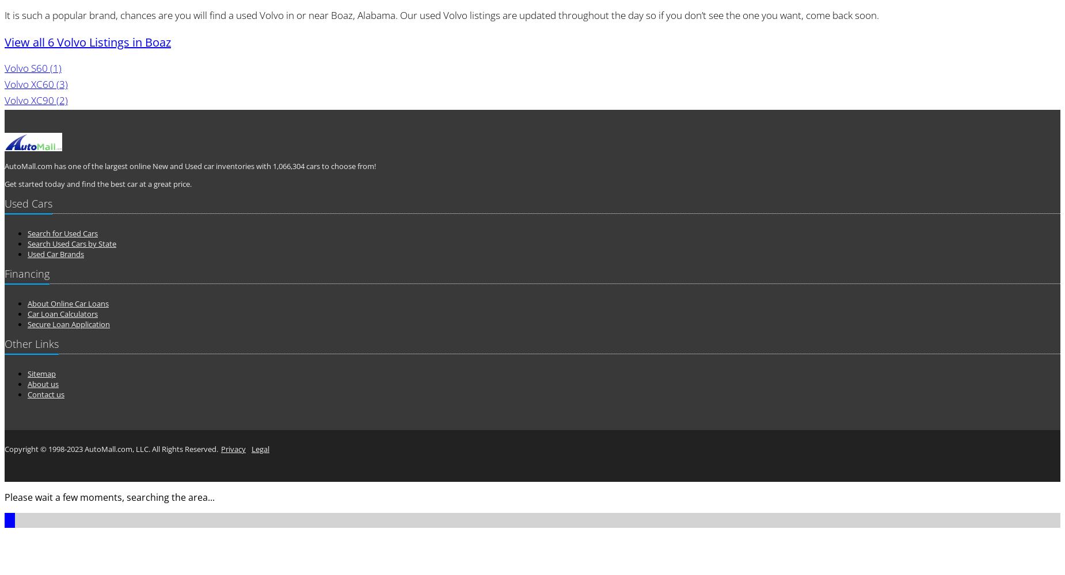  Describe the element at coordinates (96, 497) in the screenshot. I see `'Please wait a few moments, searching the'` at that location.